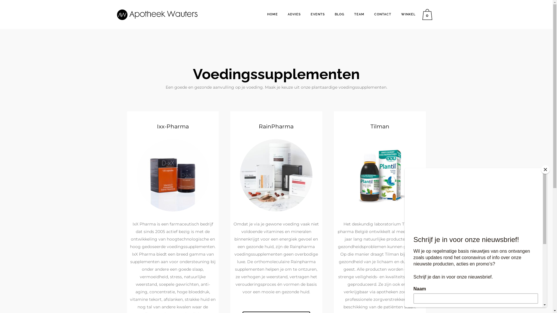  I want to click on 'EVENTS', so click(317, 14).